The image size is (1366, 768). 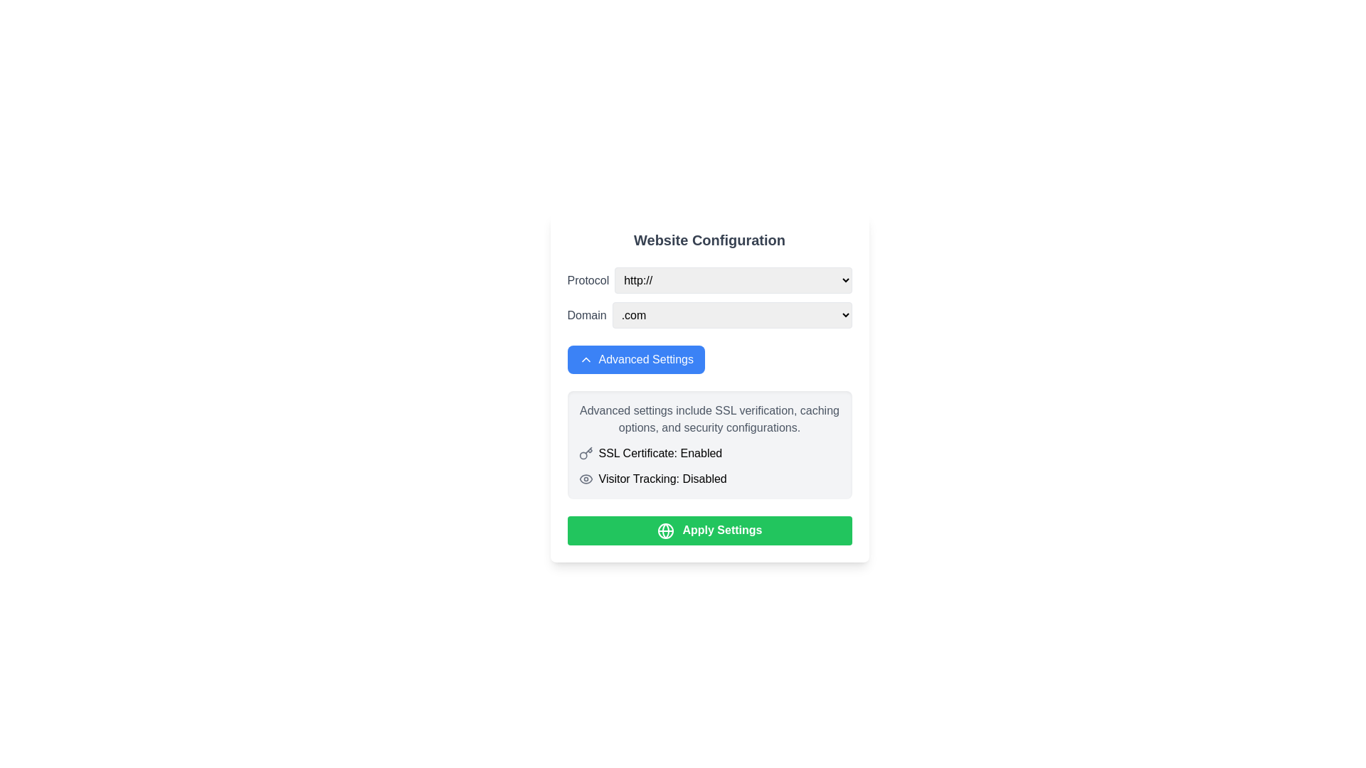 I want to click on the informative text label stating 'Visitor Tracking: Disabled', which is located next to an eye icon in the 'Advanced settings' section, so click(x=662, y=479).